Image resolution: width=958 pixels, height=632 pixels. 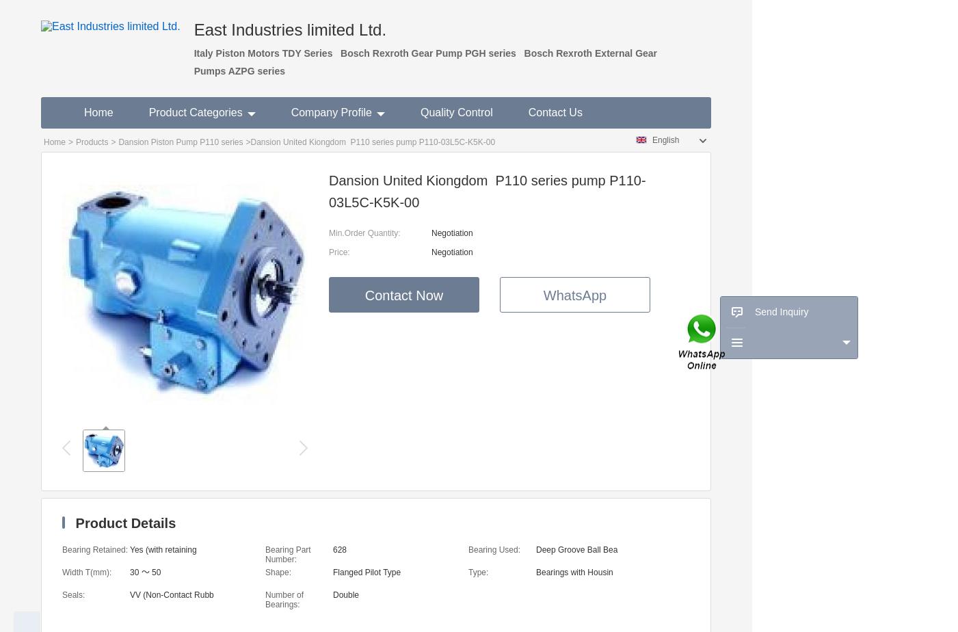 What do you see at coordinates (574, 295) in the screenshot?
I see `'WhatsApp'` at bounding box center [574, 295].